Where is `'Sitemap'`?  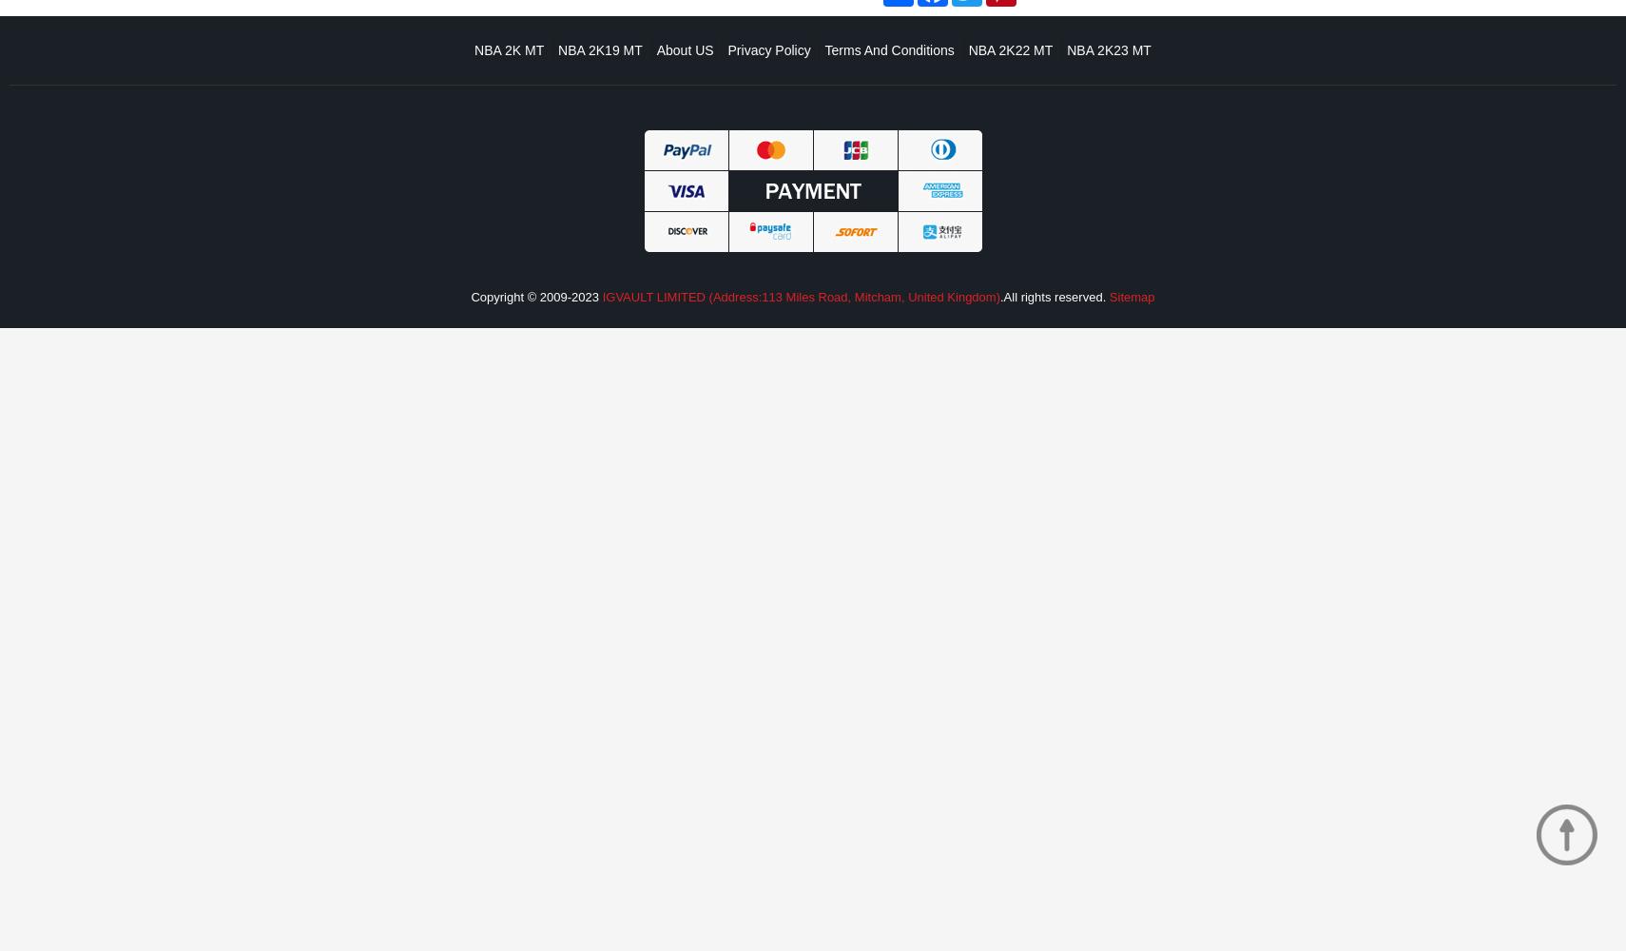
'Sitemap' is located at coordinates (1130, 297).